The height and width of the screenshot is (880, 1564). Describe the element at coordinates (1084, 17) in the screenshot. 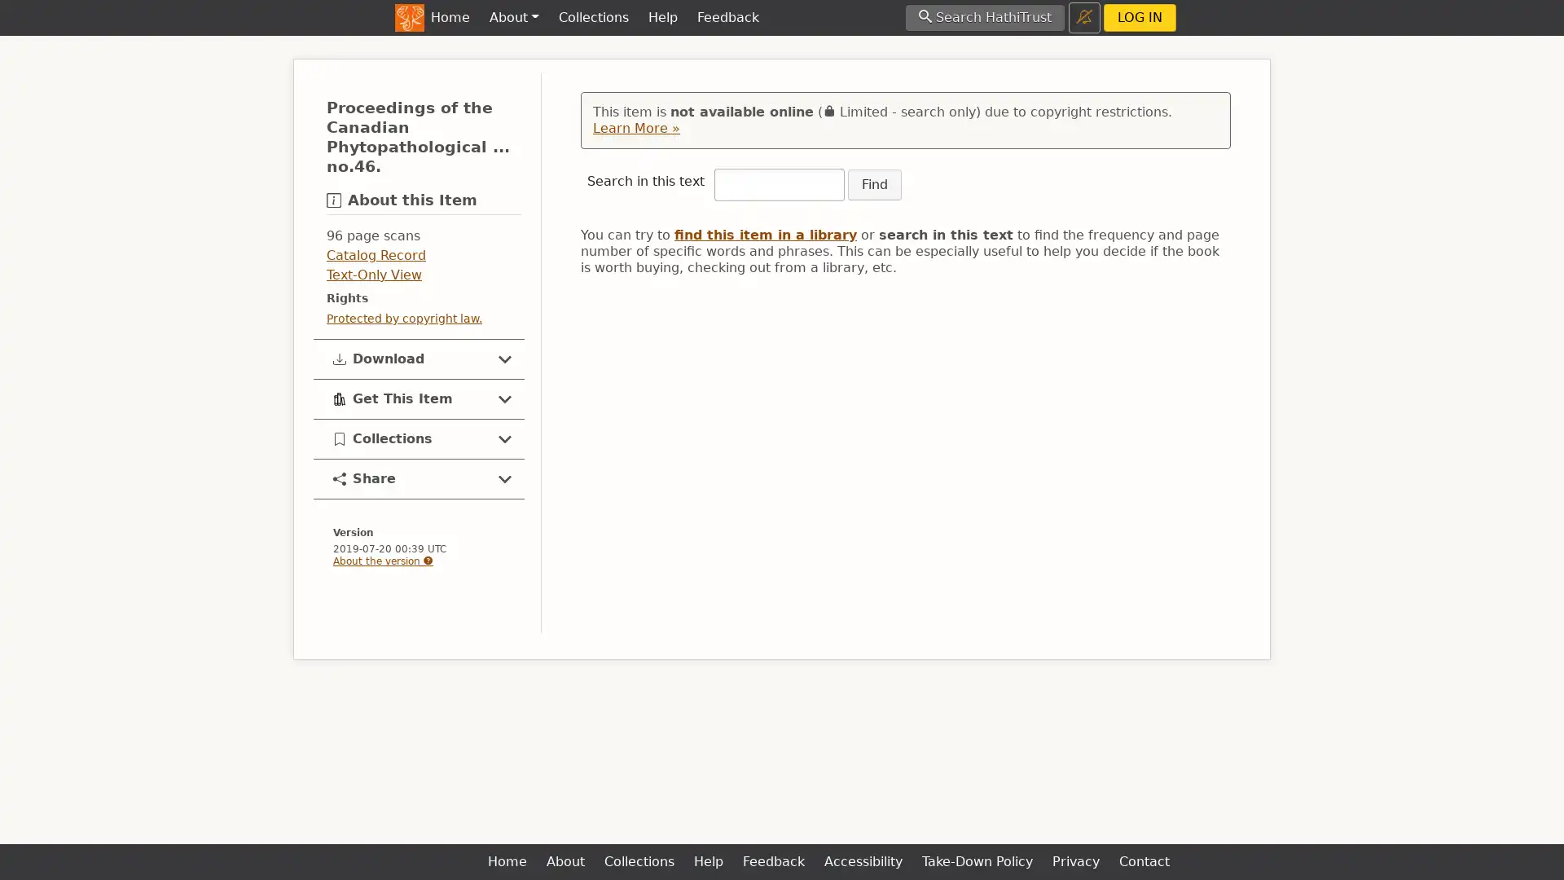

I see `Toggle Notifications` at that location.